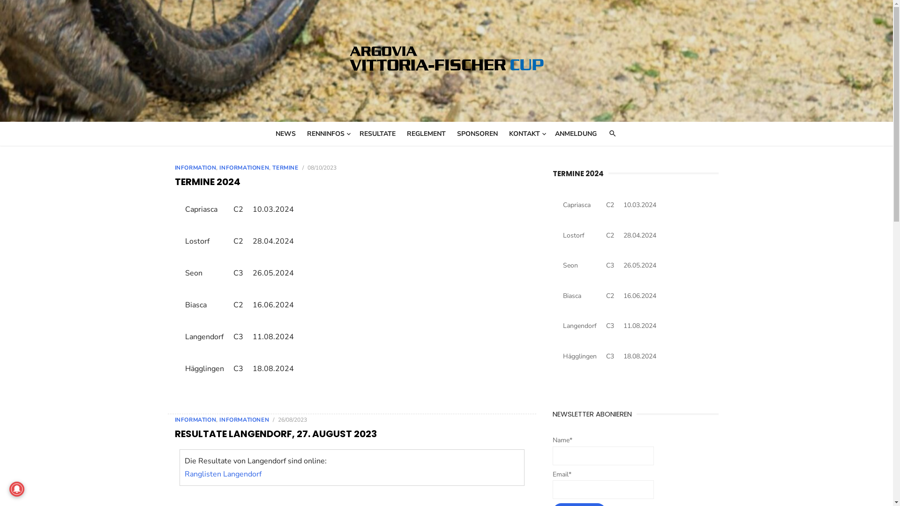  I want to click on 'SPONSOREN', so click(477, 134).